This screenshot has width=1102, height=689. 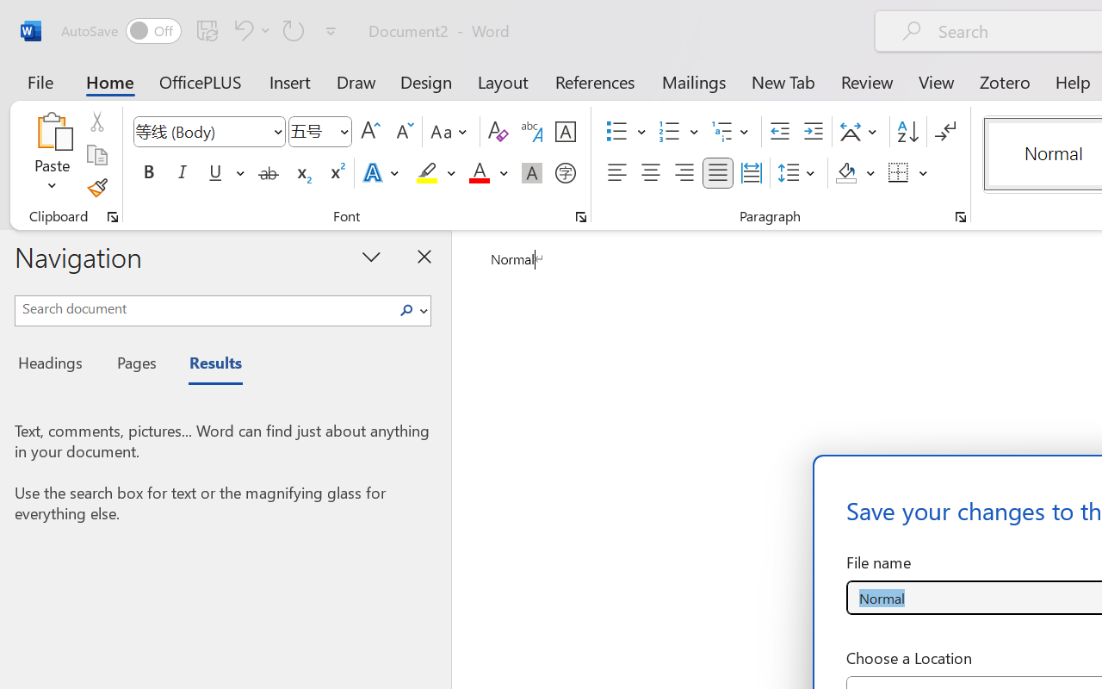 What do you see at coordinates (40, 81) in the screenshot?
I see `'File Tab'` at bounding box center [40, 81].